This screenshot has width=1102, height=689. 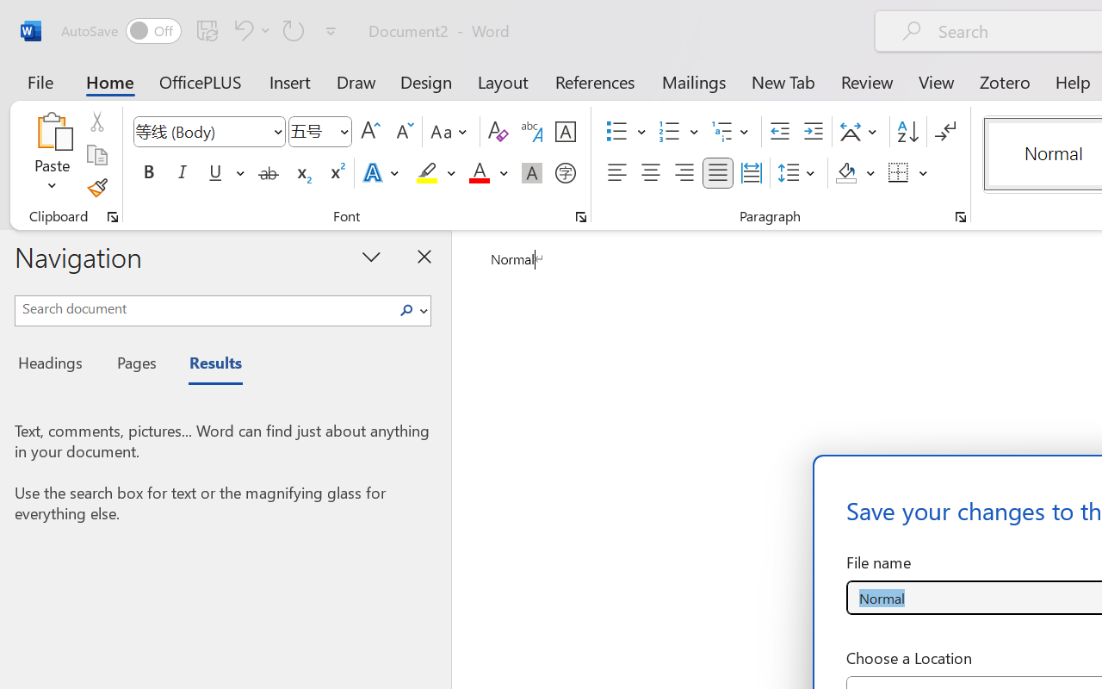 What do you see at coordinates (40, 81) in the screenshot?
I see `'File Tab'` at bounding box center [40, 81].